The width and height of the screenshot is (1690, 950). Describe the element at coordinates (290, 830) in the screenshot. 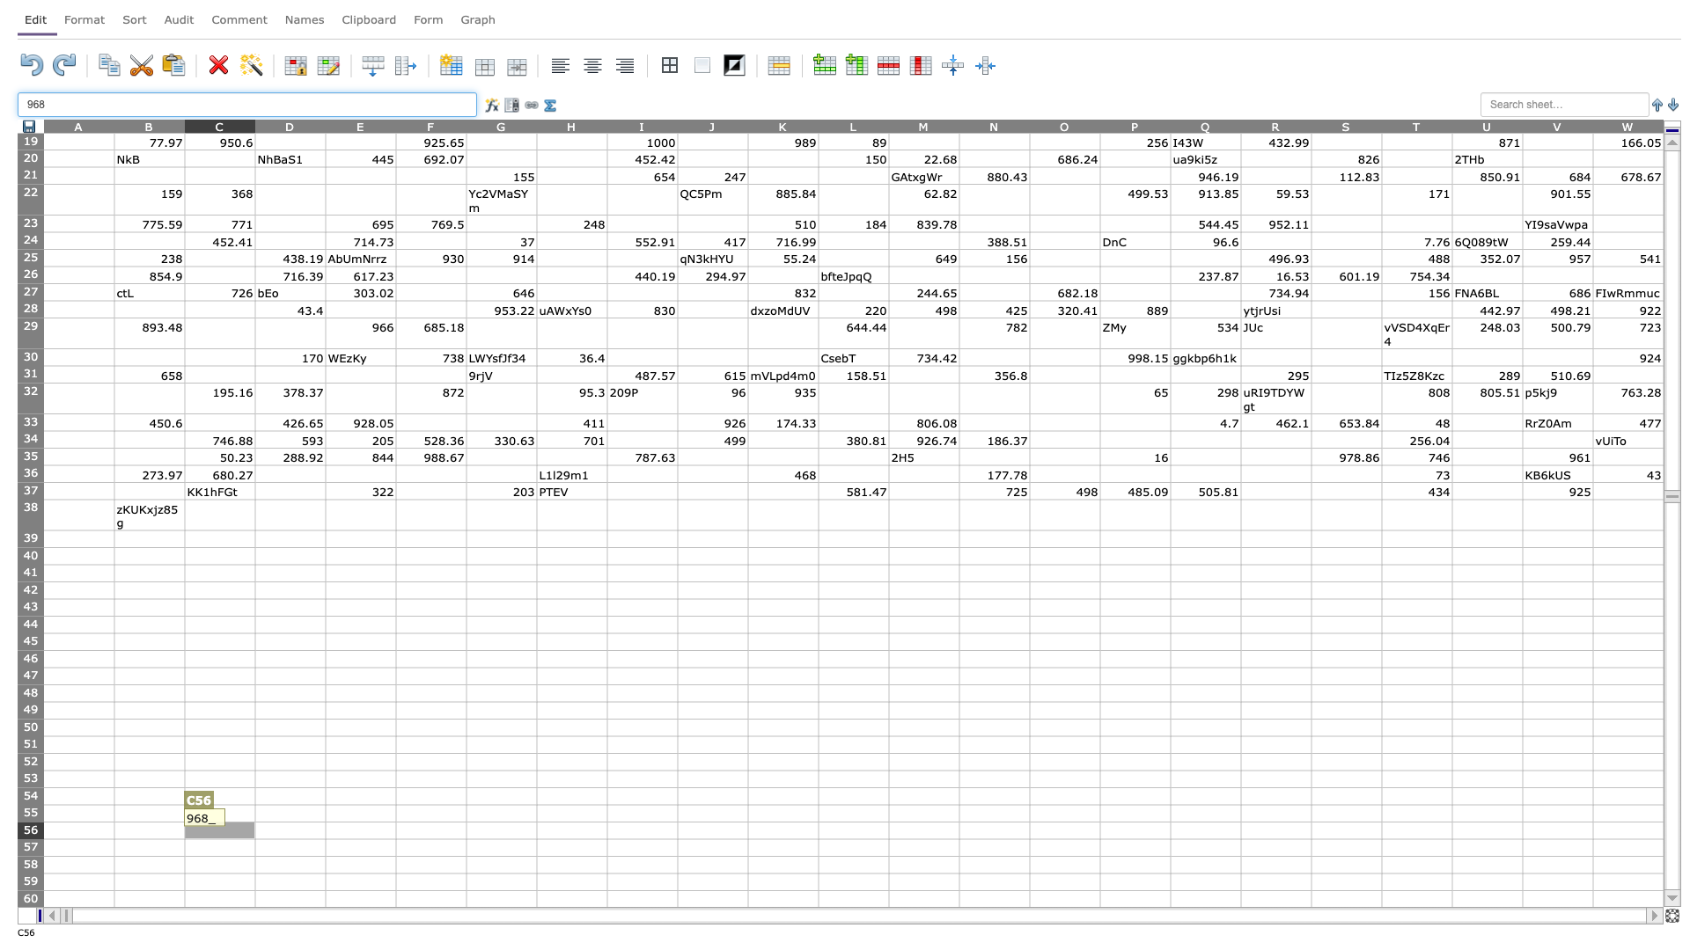

I see `D56` at that location.